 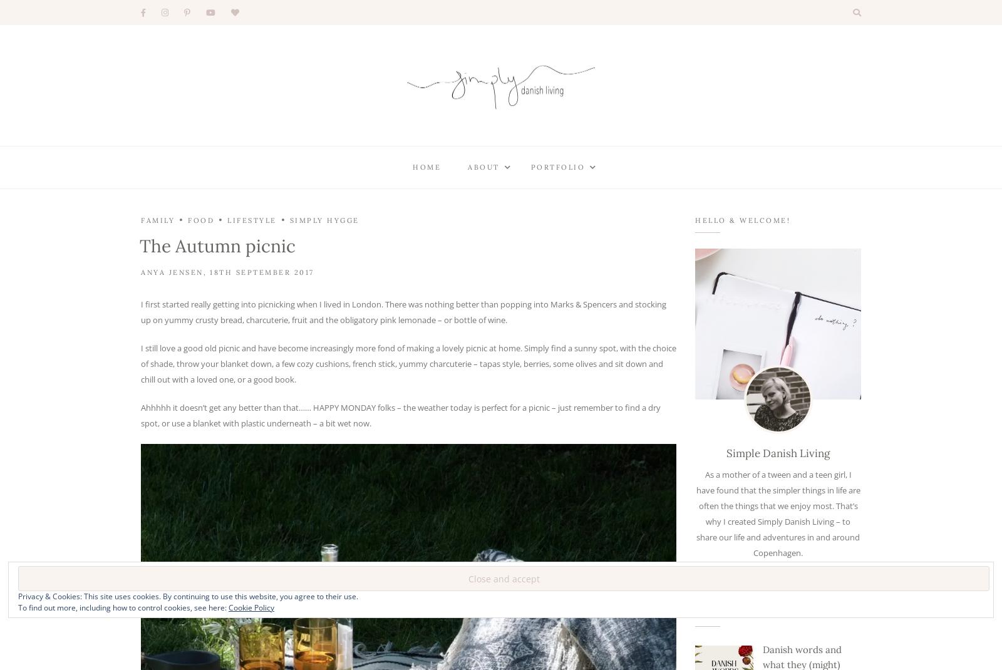 I want to click on 'Lifestyle', so click(x=250, y=220).